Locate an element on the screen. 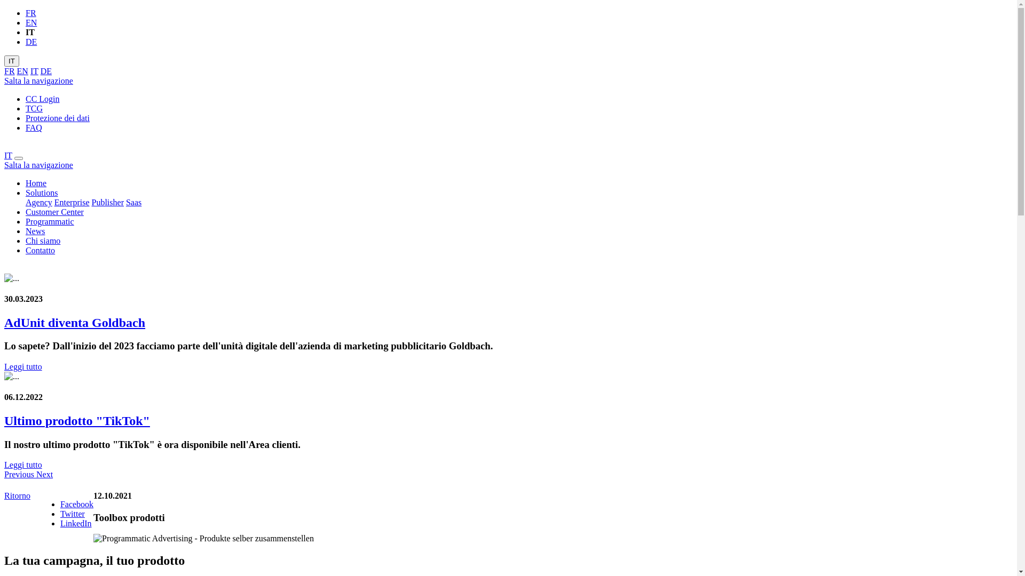  'Solutions' is located at coordinates (41, 193).